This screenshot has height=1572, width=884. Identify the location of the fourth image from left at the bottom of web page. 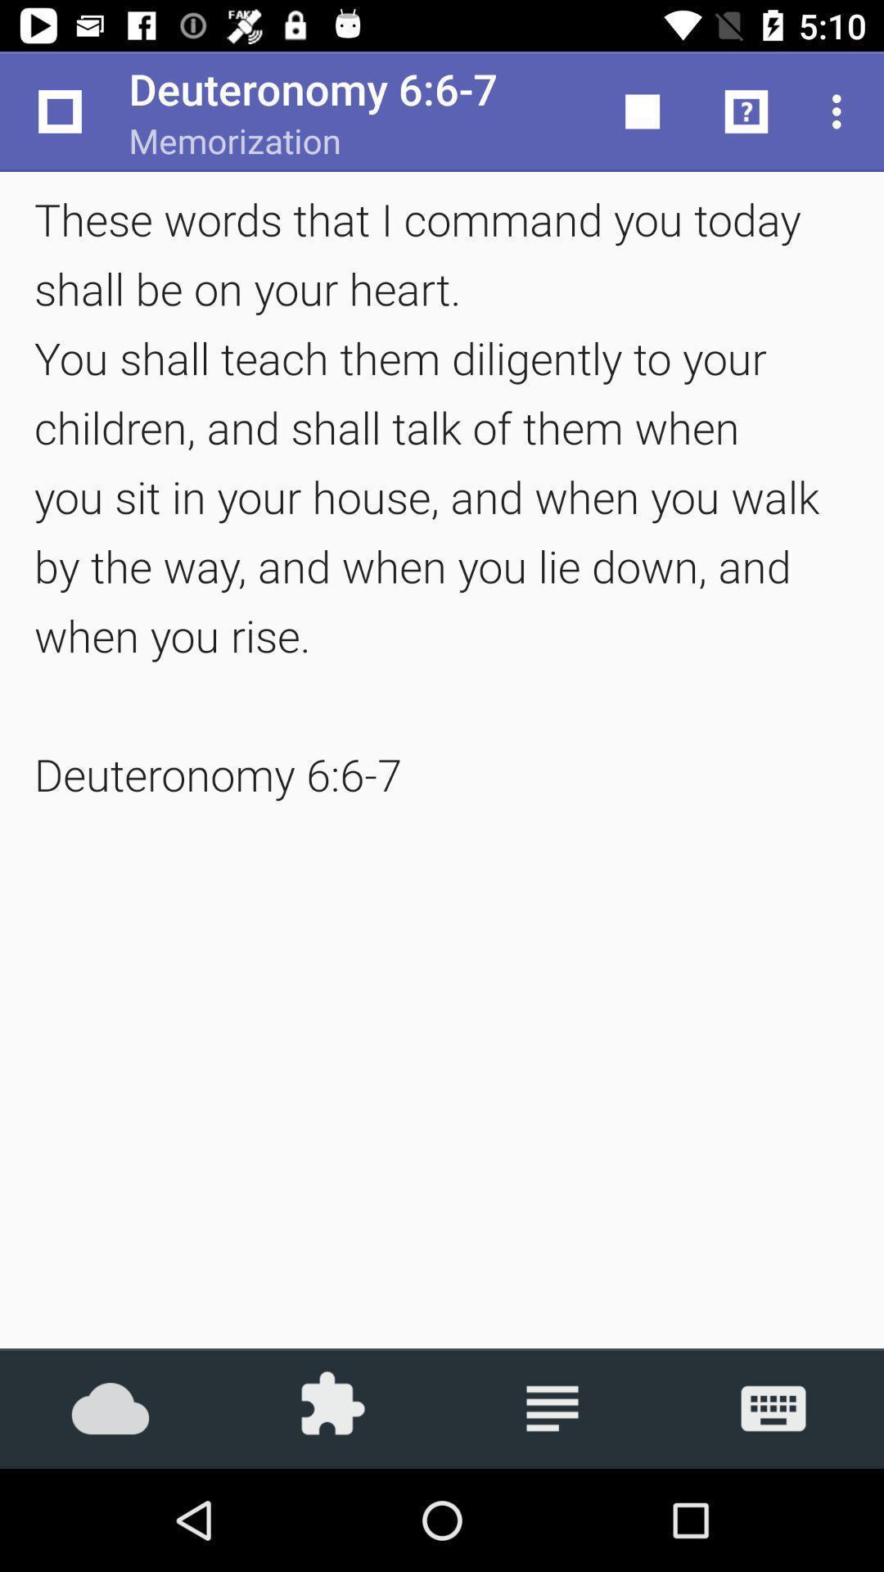
(773, 1407).